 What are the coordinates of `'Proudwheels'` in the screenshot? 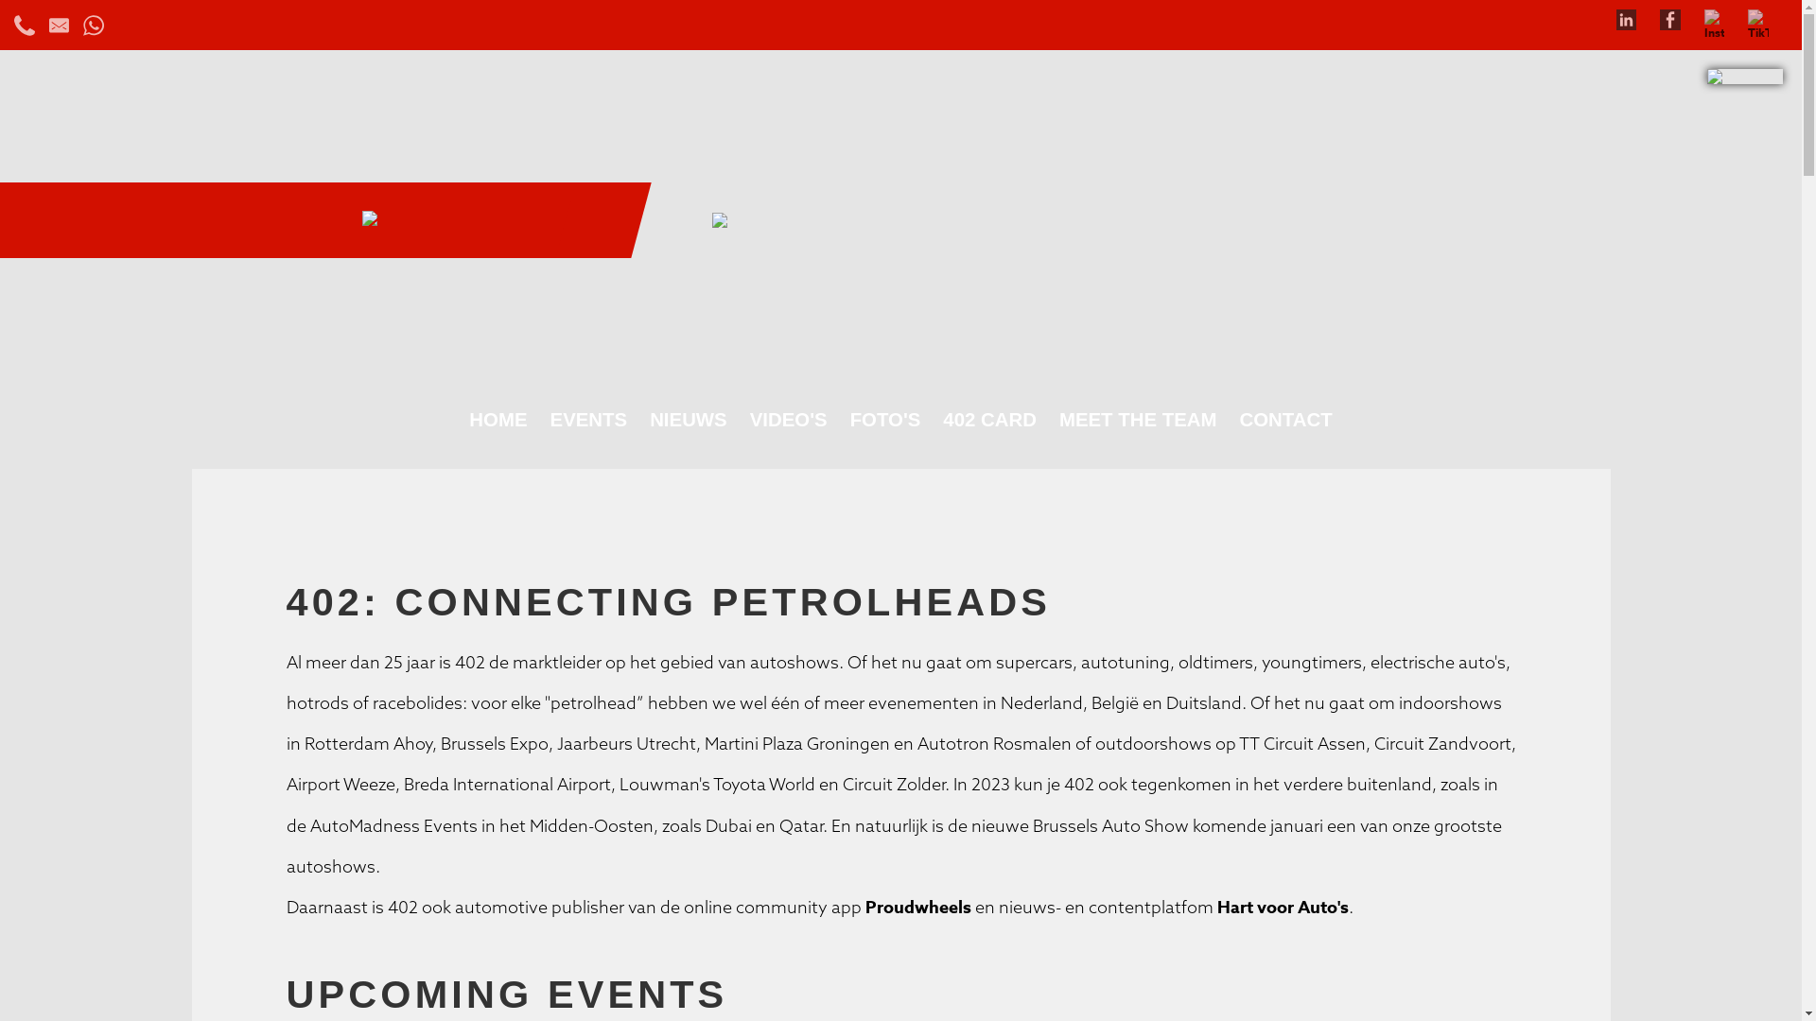 It's located at (917, 907).